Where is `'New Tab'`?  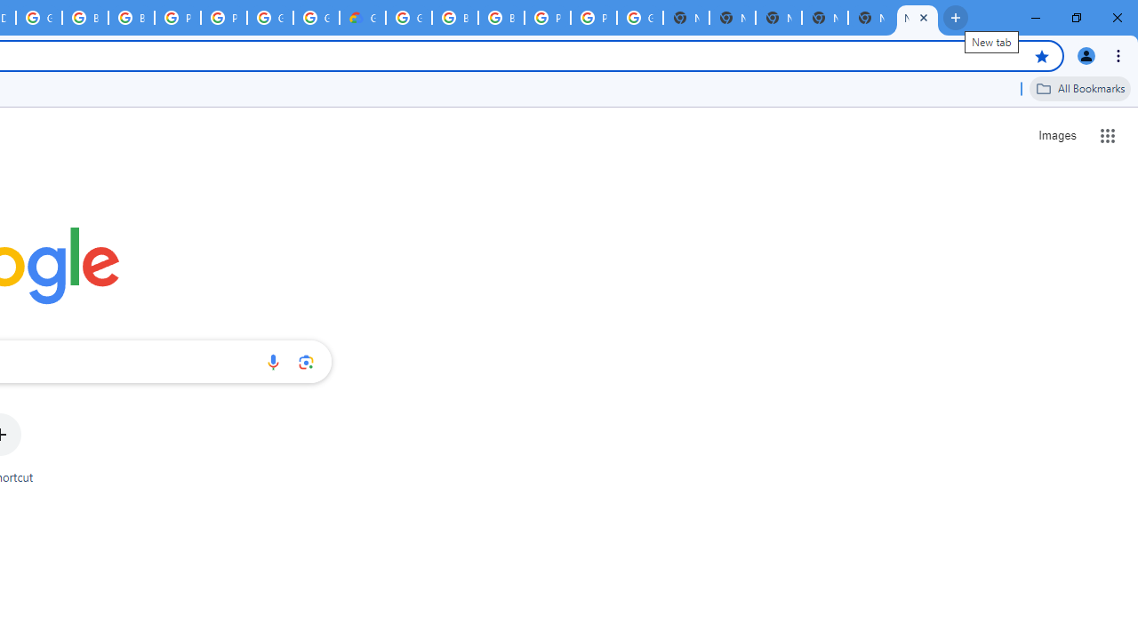 'New Tab' is located at coordinates (918, 18).